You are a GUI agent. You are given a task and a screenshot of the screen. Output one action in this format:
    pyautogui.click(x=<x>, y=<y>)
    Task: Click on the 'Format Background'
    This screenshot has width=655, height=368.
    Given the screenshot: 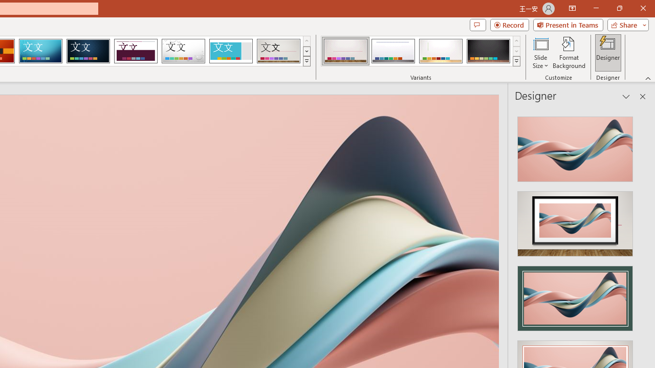 What is the action you would take?
    pyautogui.click(x=569, y=53)
    